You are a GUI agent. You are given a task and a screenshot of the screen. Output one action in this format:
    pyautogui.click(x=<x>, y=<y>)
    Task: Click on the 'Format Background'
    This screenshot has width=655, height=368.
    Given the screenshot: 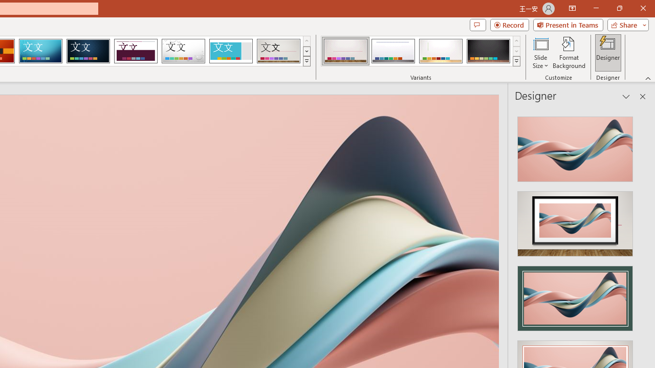 What is the action you would take?
    pyautogui.click(x=569, y=53)
    